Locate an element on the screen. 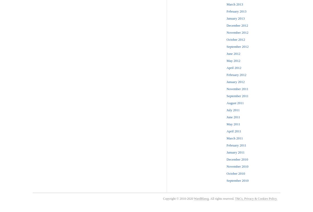 The image size is (313, 212). '. All rights reserved.' is located at coordinates (208, 198).